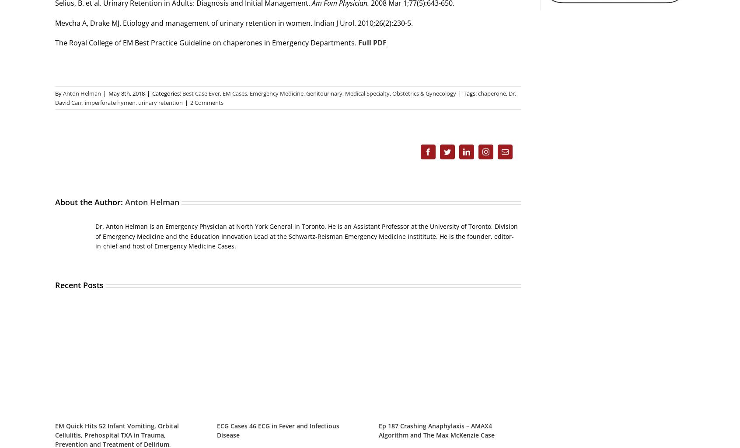  Describe the element at coordinates (110, 102) in the screenshot. I see `'imperforate hymen'` at that location.